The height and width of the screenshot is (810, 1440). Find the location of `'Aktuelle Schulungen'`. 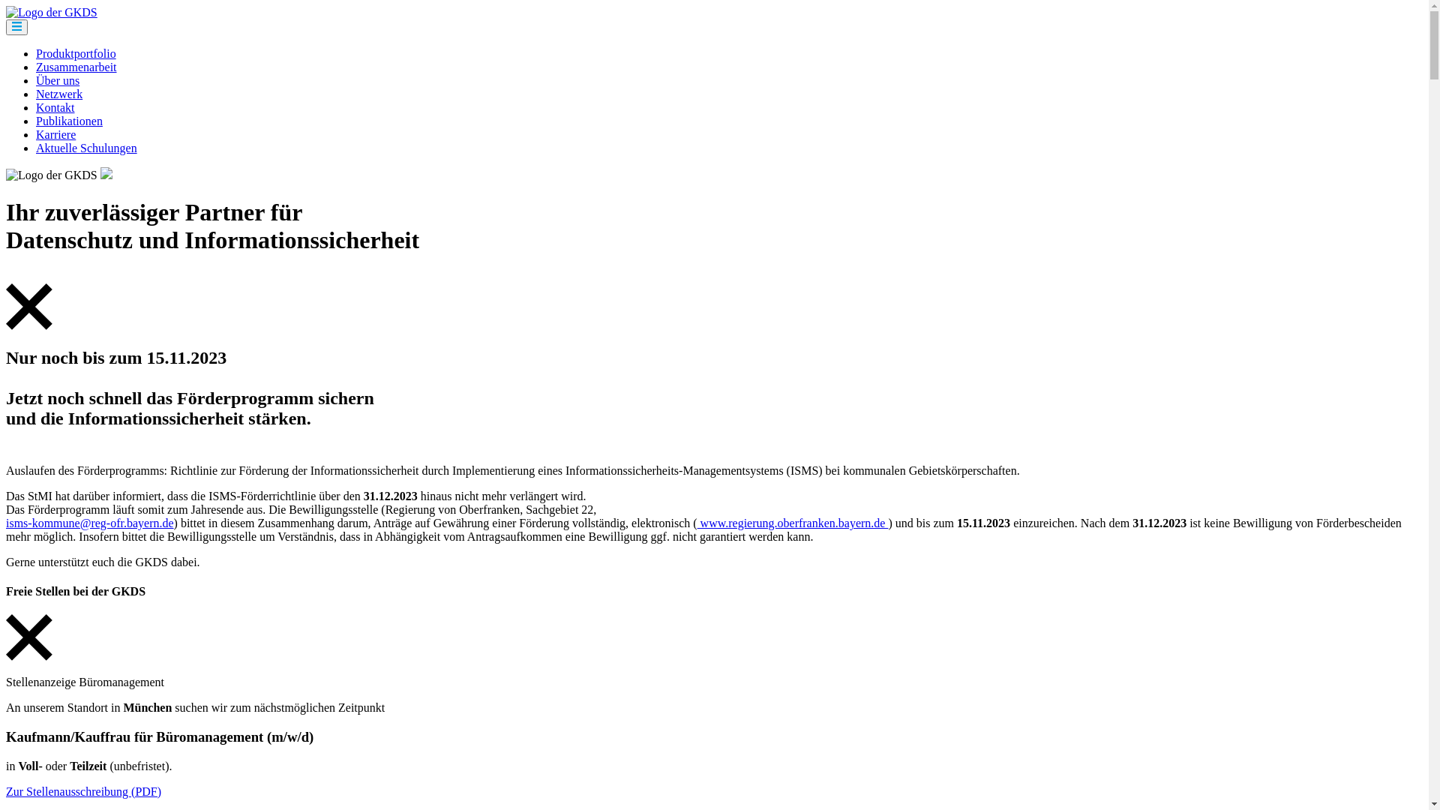

'Aktuelle Schulungen' is located at coordinates (85, 148).